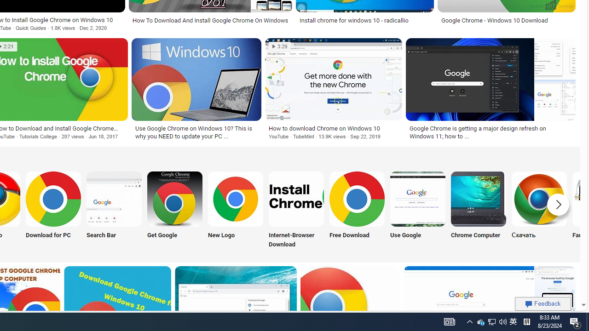 The height and width of the screenshot is (331, 589). I want to click on 'How To Download And Install Google Chrome On Windows', so click(210, 20).